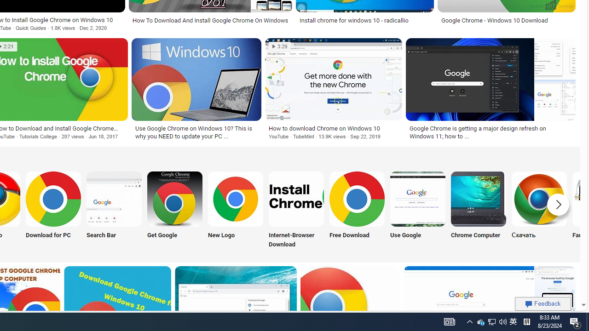 The height and width of the screenshot is (331, 589). I want to click on 'How To Download And Install Google Chrome On Windows', so click(210, 20).